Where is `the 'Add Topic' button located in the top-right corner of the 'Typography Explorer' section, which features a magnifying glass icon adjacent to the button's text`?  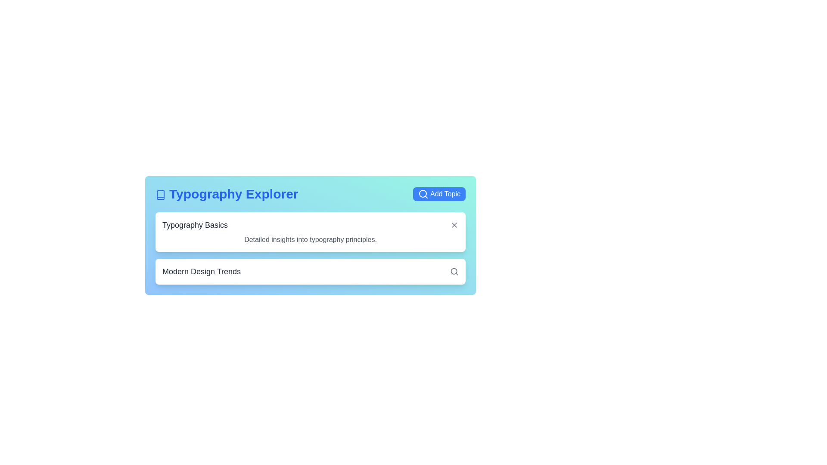
the 'Add Topic' button located in the top-right corner of the 'Typography Explorer' section, which features a magnifying glass icon adjacent to the button's text is located at coordinates (423, 194).